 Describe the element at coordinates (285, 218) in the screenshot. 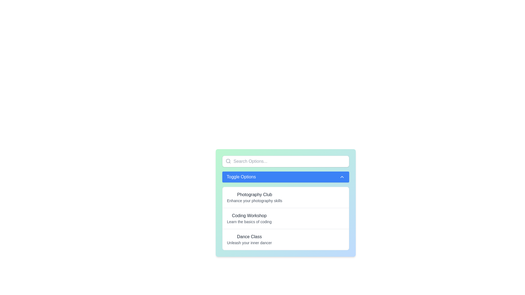

I see `the second item in the list, which contains a white background box with rounded corners, a thin border, and sections with titles and descriptions, located below the 'Photography Club' and above the 'Dance Class'` at that location.